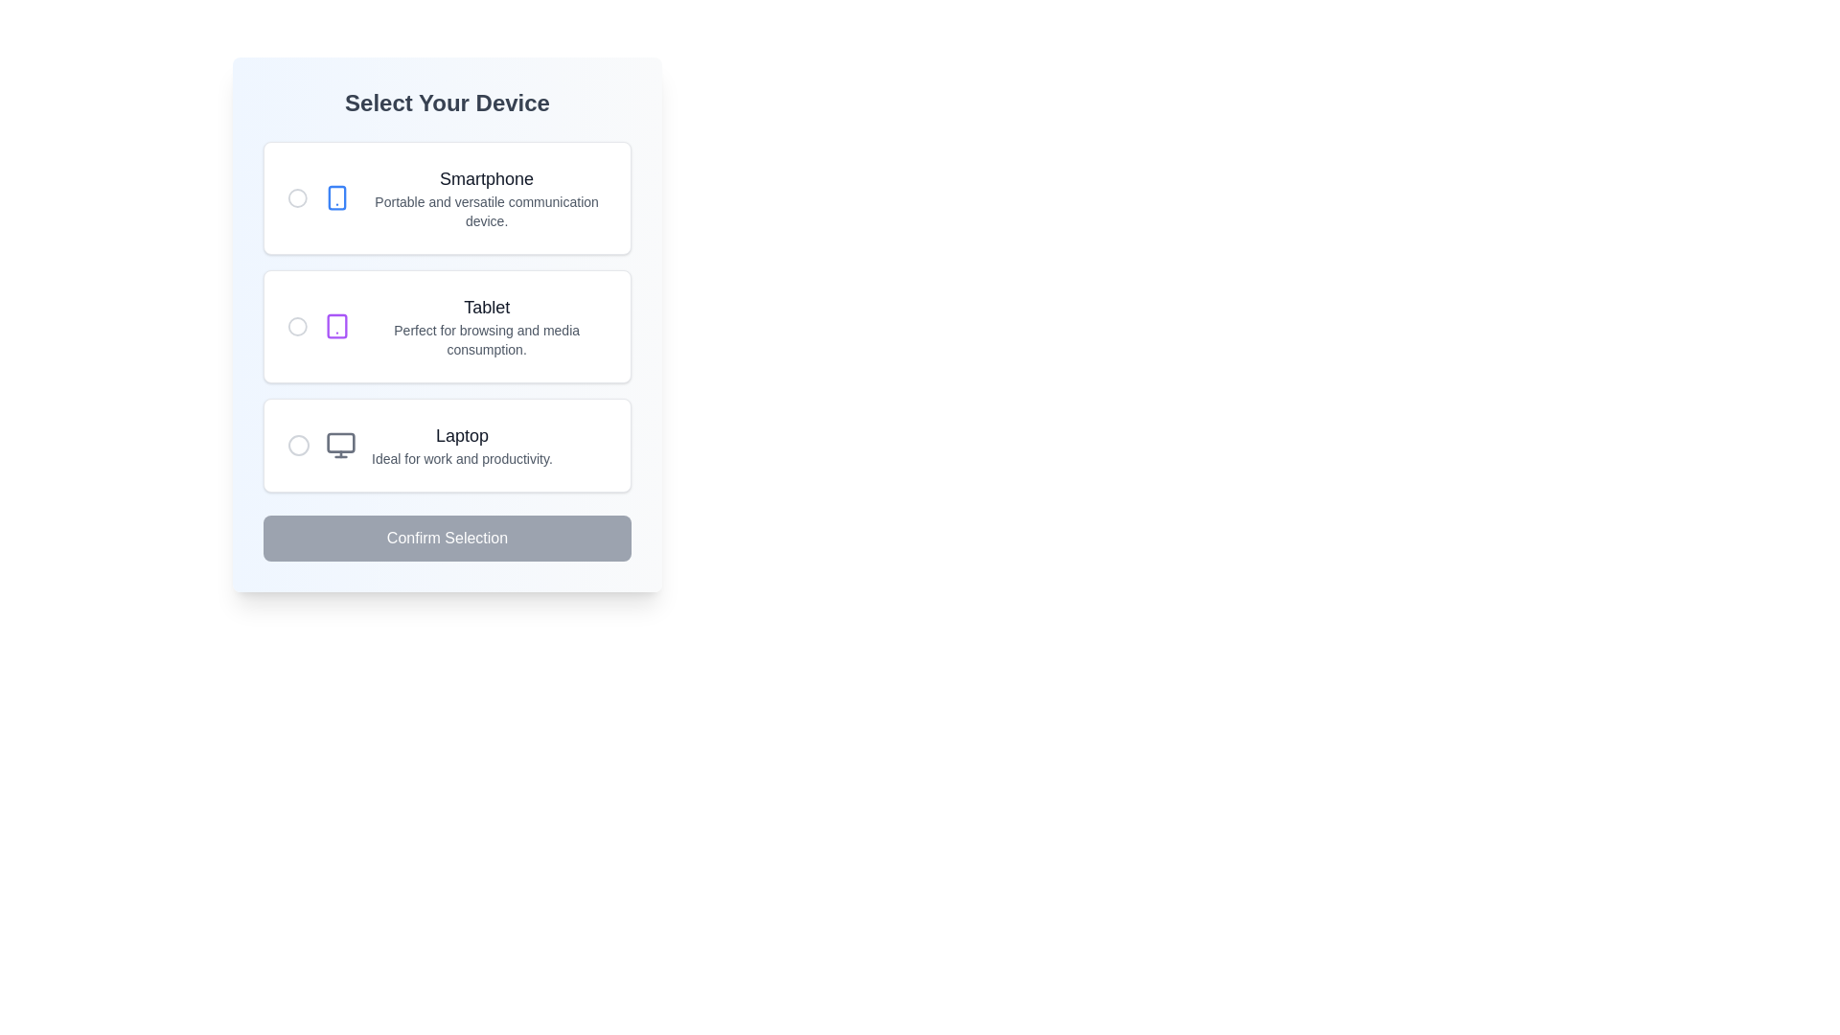  What do you see at coordinates (340, 443) in the screenshot?
I see `the small rectangle with rounded corners located inside the monitor icon representing the 'Laptop' selection option` at bounding box center [340, 443].